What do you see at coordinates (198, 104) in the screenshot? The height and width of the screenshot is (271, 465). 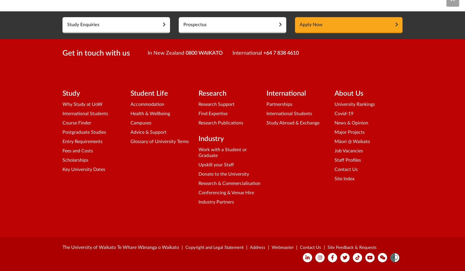 I see `'Research Support'` at bounding box center [198, 104].